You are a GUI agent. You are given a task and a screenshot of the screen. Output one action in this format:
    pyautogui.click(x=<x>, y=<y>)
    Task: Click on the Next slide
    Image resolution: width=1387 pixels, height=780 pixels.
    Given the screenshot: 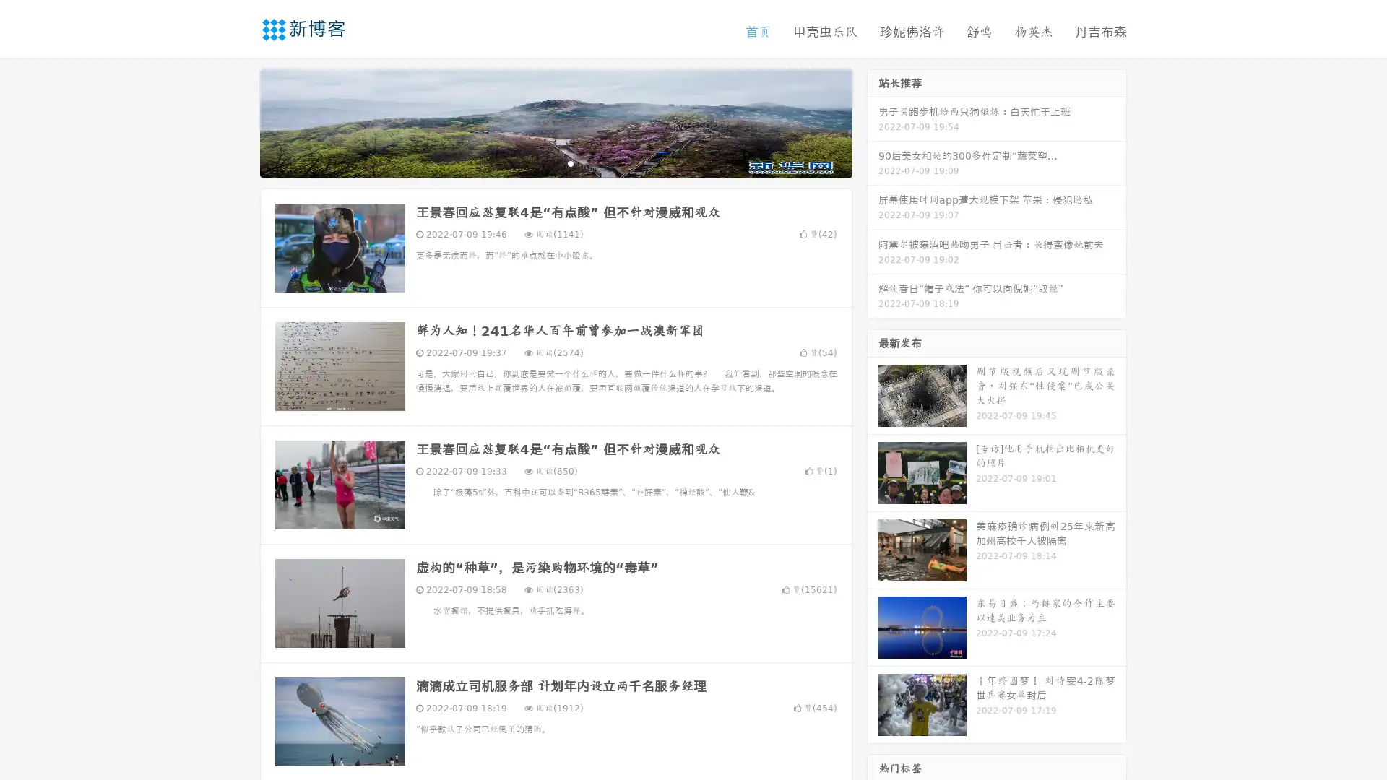 What is the action you would take?
    pyautogui.click(x=873, y=121)
    